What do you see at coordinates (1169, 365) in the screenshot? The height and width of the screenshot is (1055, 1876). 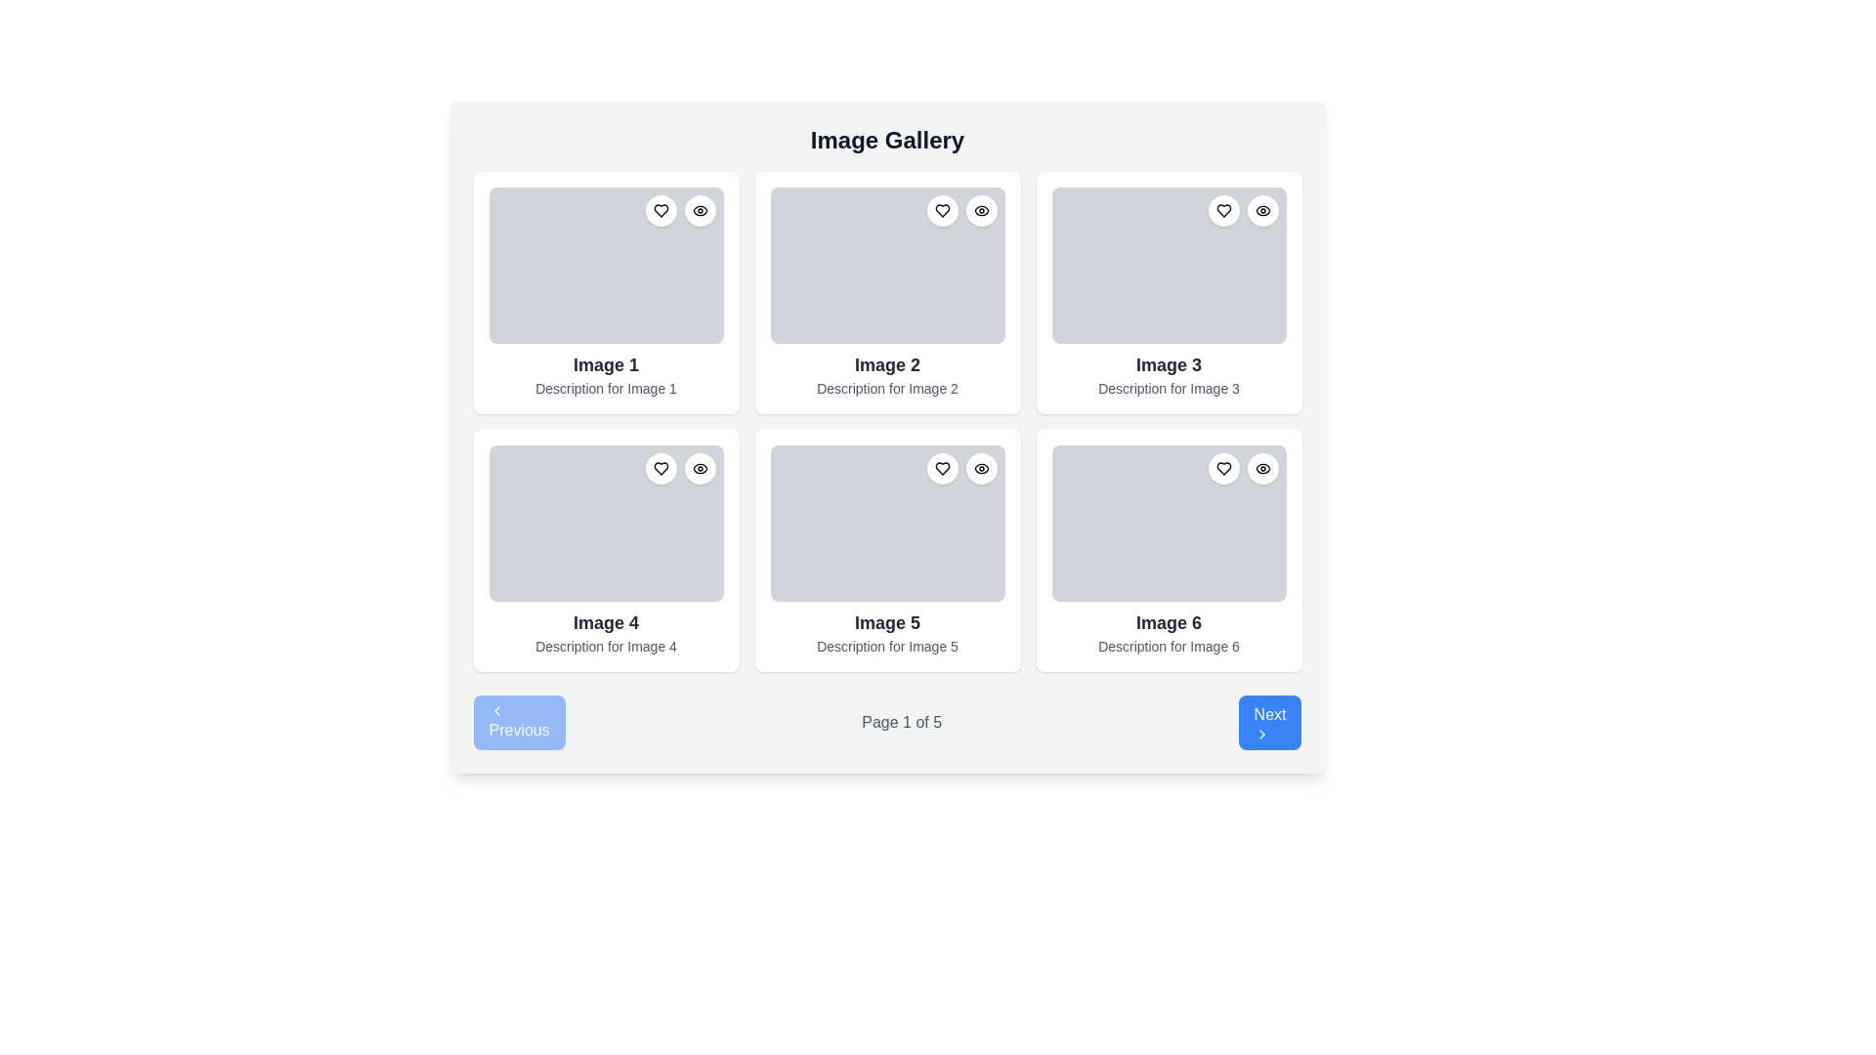 I see `text label located in the third tile of the first row, positioned above 'Description for Image 3'` at bounding box center [1169, 365].